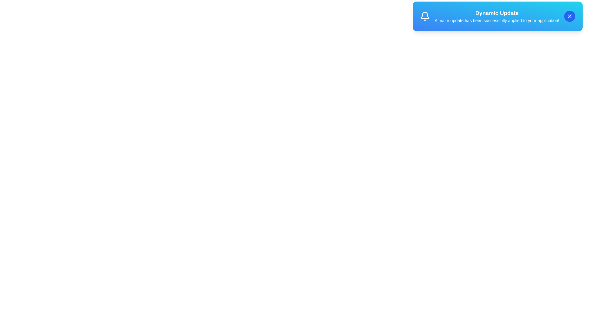 The height and width of the screenshot is (331, 590). What do you see at coordinates (424, 19) in the screenshot?
I see `the bell icon to interact with it` at bounding box center [424, 19].